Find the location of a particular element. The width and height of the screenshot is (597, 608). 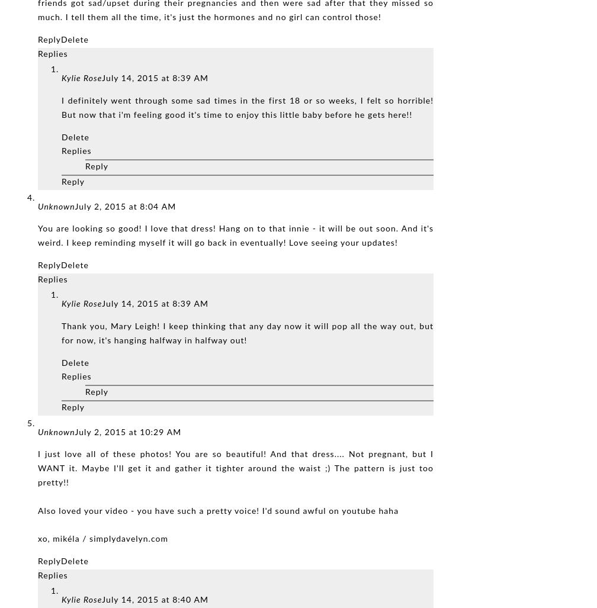

'Also loved your video - you have such a pretty voice! I'd sound awful on youtube haha' is located at coordinates (38, 510).